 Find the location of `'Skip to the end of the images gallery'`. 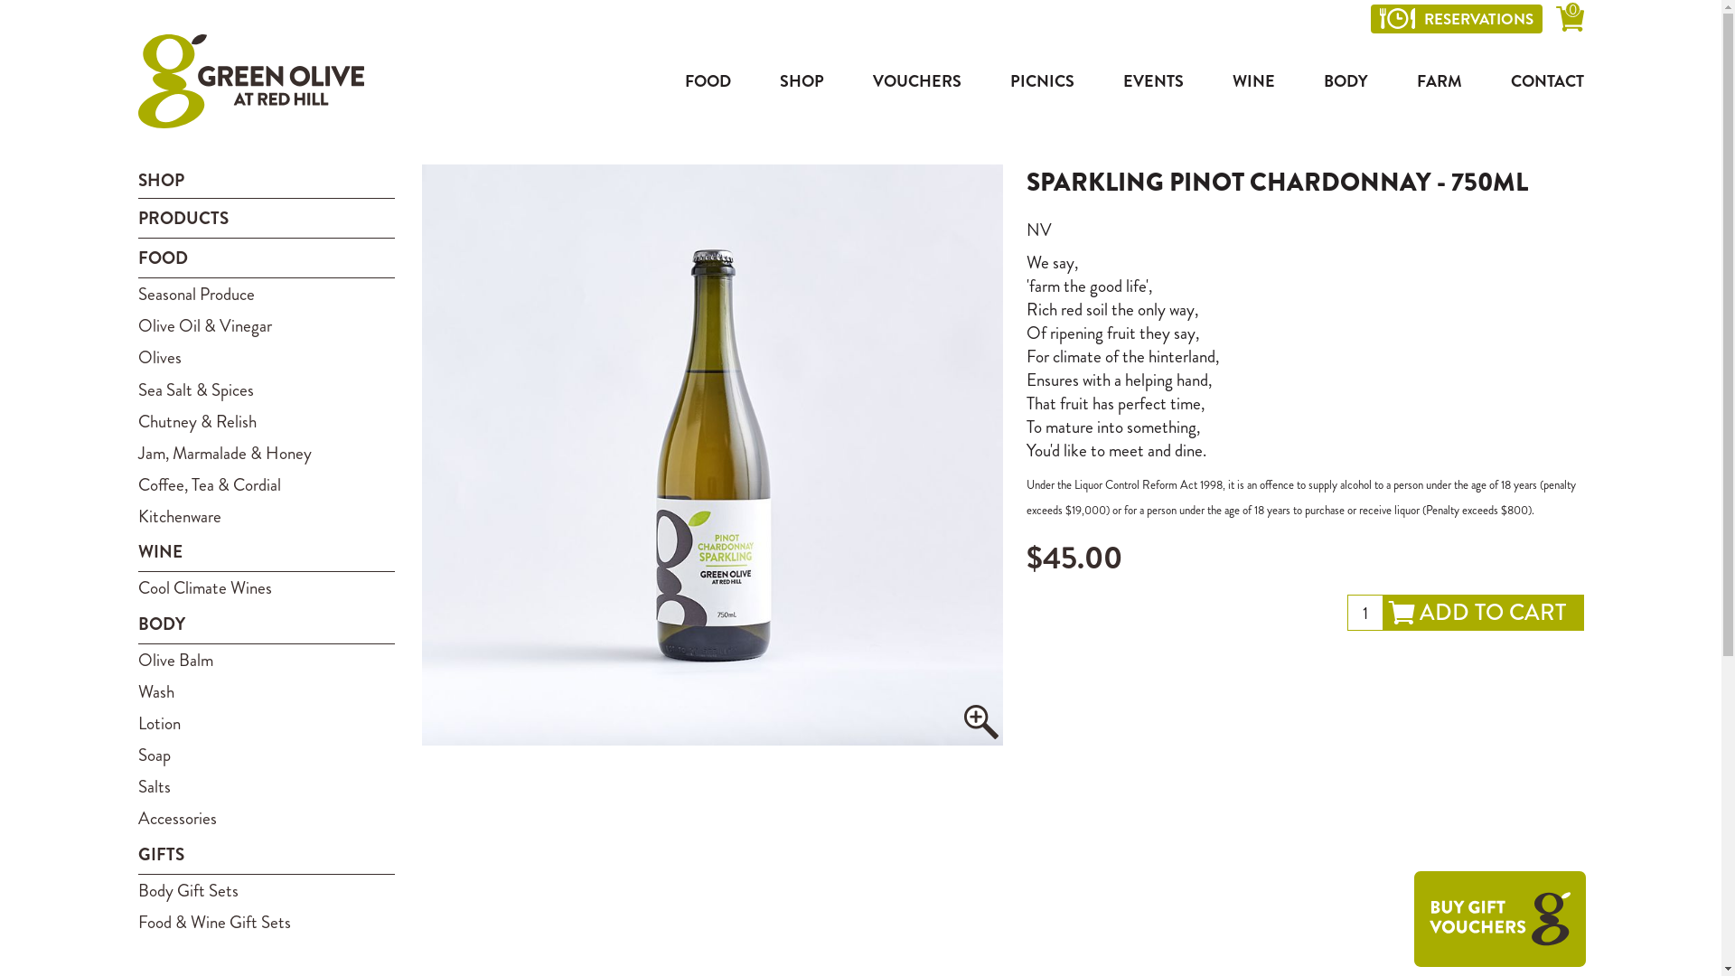

'Skip to the end of the images gallery' is located at coordinates (420, 164).